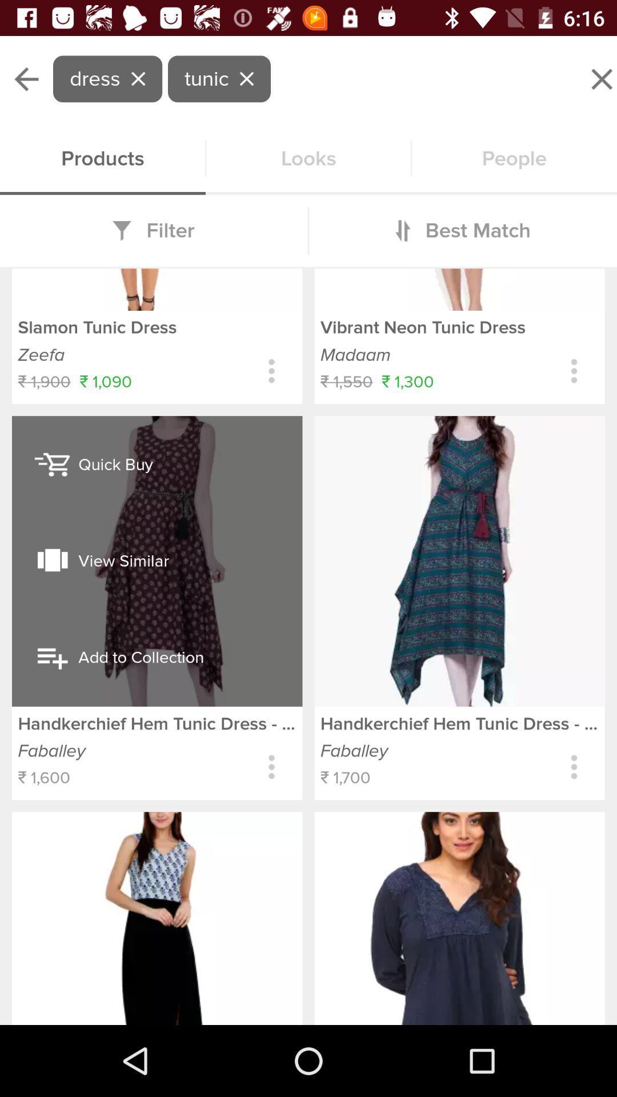 Image resolution: width=617 pixels, height=1097 pixels. Describe the element at coordinates (574, 767) in the screenshot. I see `file details and other option include` at that location.